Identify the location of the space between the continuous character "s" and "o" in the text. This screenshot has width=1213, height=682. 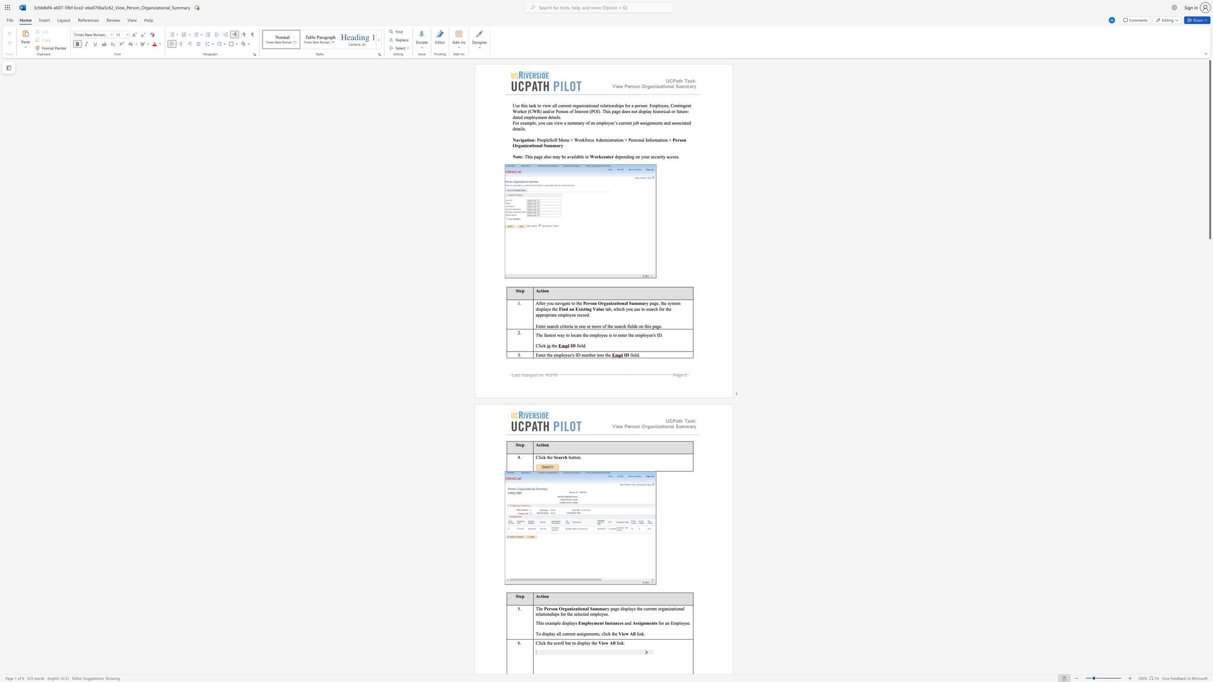
(549, 156).